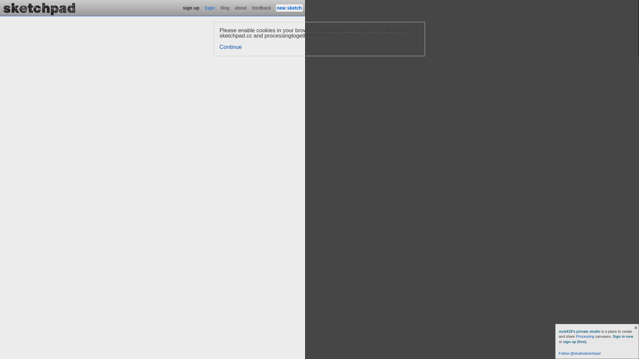 This screenshot has width=639, height=359. What do you see at coordinates (231, 47) in the screenshot?
I see `'Continue'` at bounding box center [231, 47].